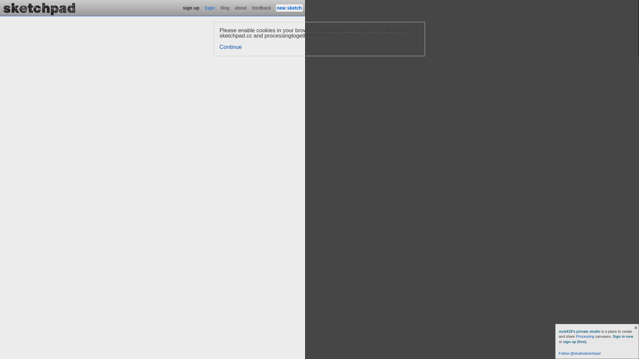 This screenshot has width=639, height=359. What do you see at coordinates (231, 47) in the screenshot?
I see `'Continue'` at bounding box center [231, 47].